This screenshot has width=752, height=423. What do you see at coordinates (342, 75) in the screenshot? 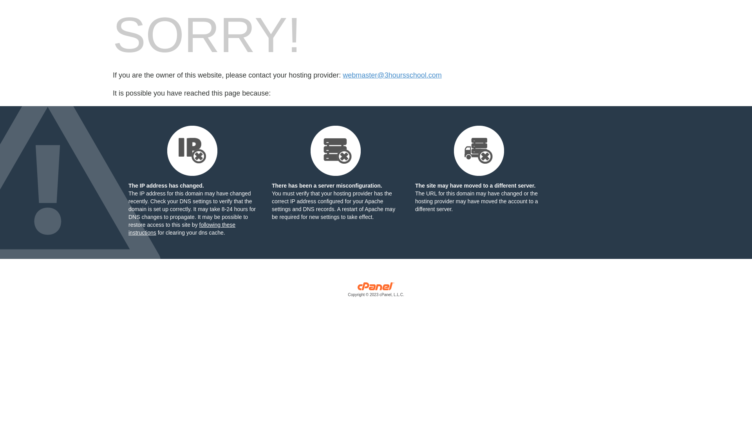
I see `'webmaster@3hoursschool.com'` at bounding box center [342, 75].